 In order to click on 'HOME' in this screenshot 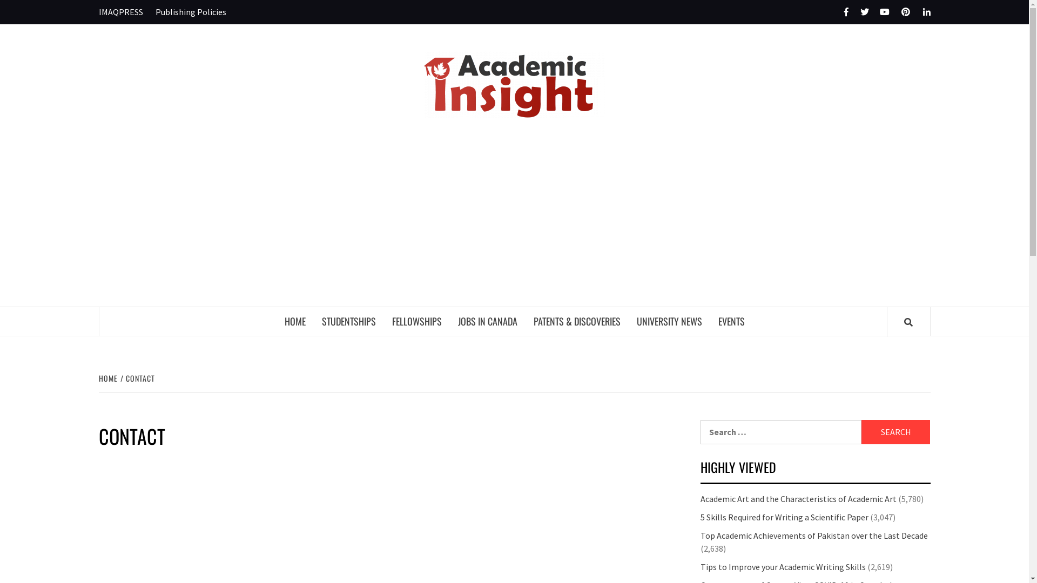, I will do `click(109, 377)`.